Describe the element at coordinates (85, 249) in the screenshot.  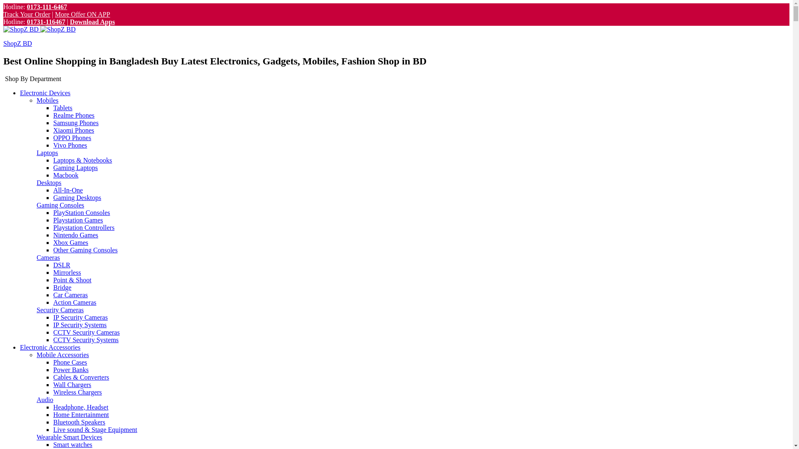
I see `'Other Gaming Consoles'` at that location.